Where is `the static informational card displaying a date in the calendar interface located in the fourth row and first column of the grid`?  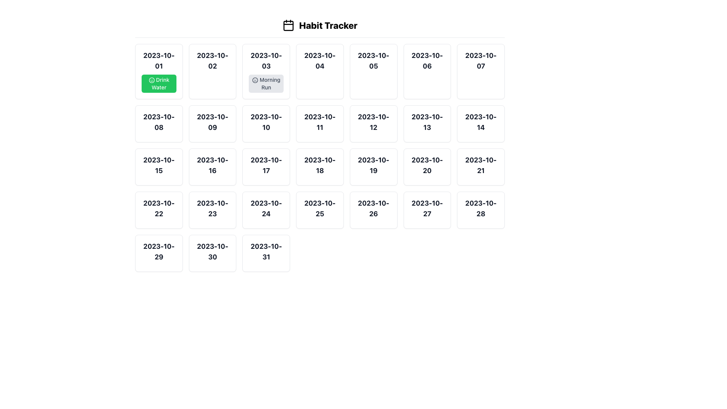 the static informational card displaying a date in the calendar interface located in the fourth row and first column of the grid is located at coordinates (158, 210).